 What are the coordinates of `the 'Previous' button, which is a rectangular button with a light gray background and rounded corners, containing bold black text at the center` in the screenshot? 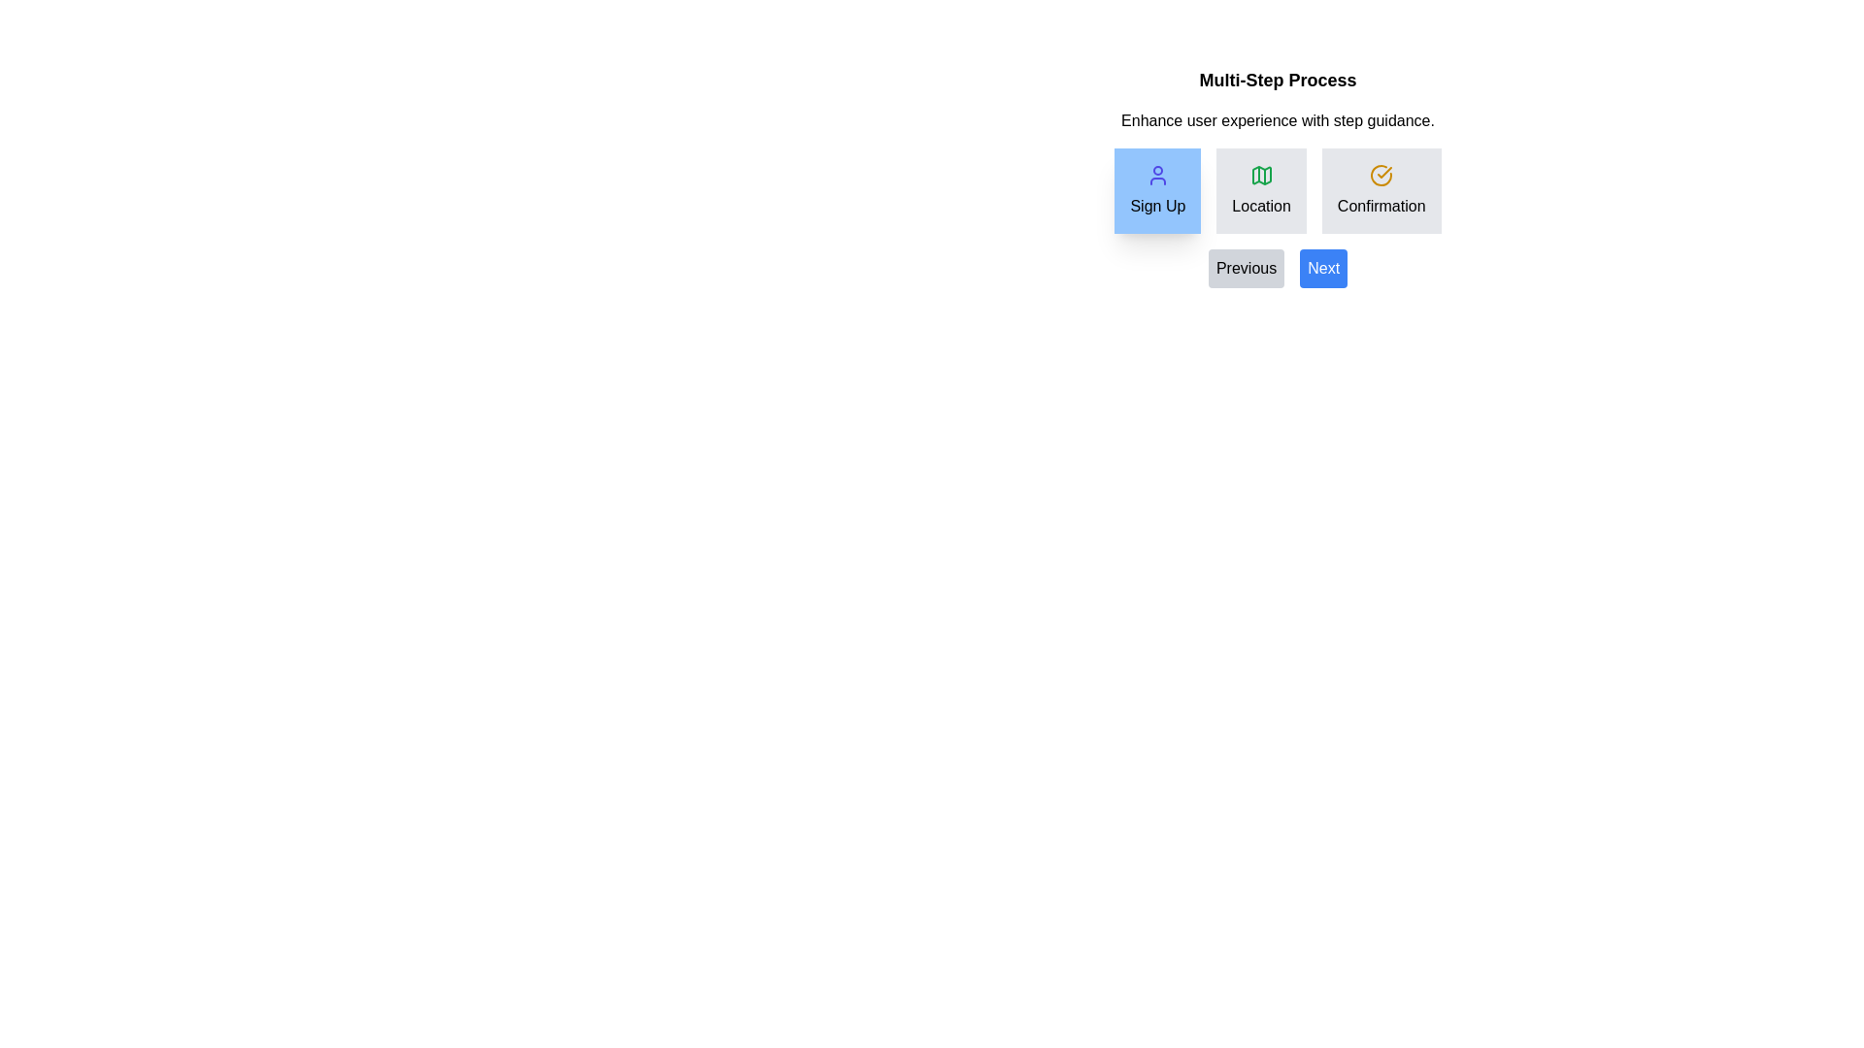 It's located at (1247, 269).